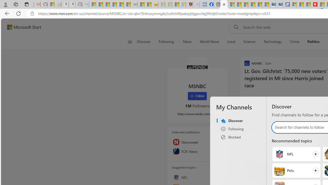 The width and height of the screenshot is (328, 185). What do you see at coordinates (187, 42) in the screenshot?
I see `'News'` at bounding box center [187, 42].